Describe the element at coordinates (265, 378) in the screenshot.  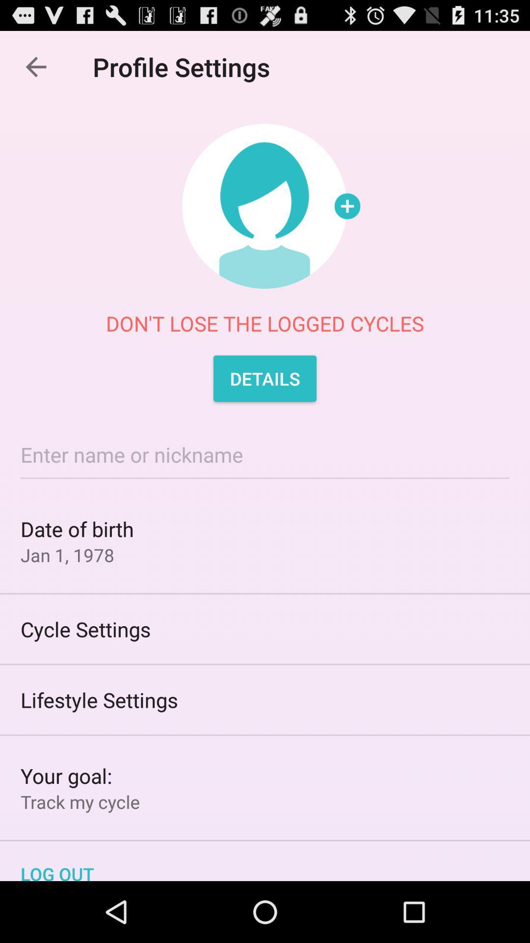
I see `details icon` at that location.